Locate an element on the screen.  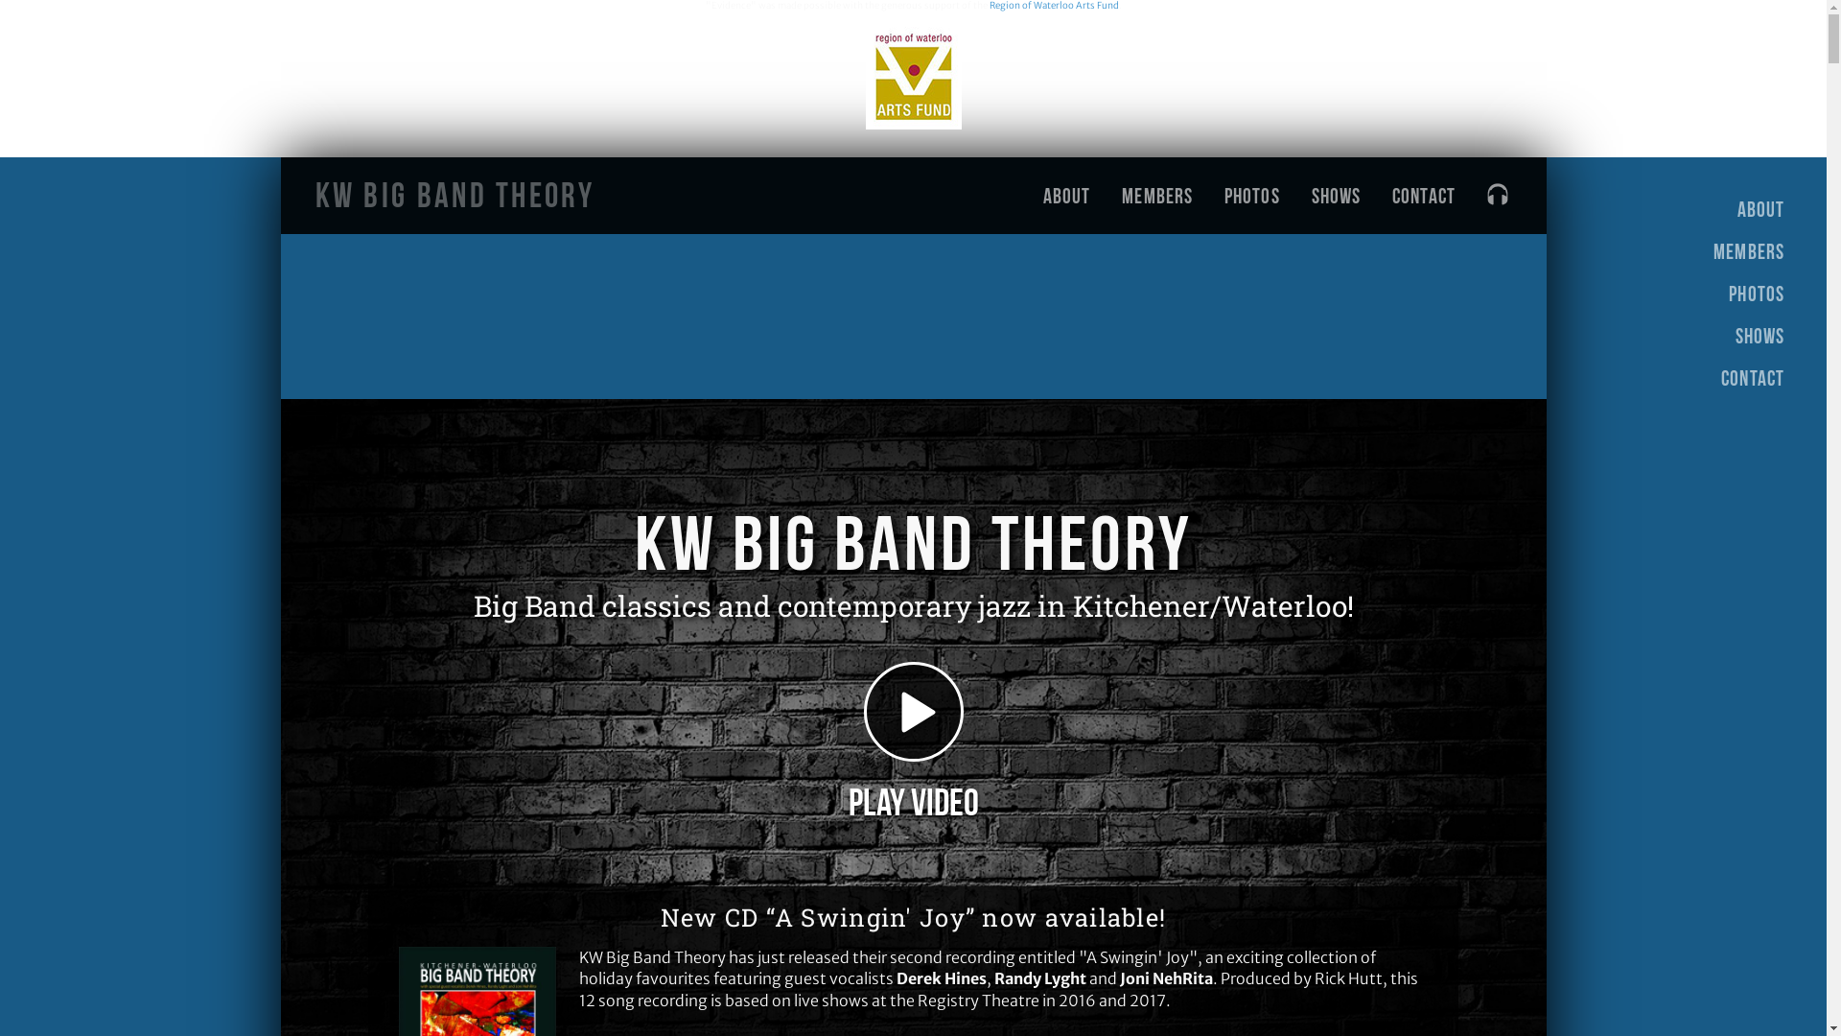
'SHOWS' is located at coordinates (1335, 196).